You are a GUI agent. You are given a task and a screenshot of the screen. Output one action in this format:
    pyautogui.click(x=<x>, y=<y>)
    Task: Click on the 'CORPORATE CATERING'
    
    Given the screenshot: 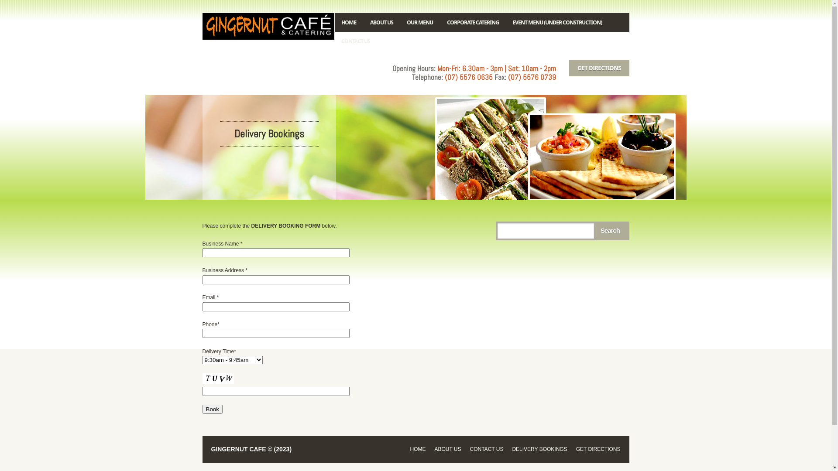 What is the action you would take?
    pyautogui.click(x=440, y=22)
    